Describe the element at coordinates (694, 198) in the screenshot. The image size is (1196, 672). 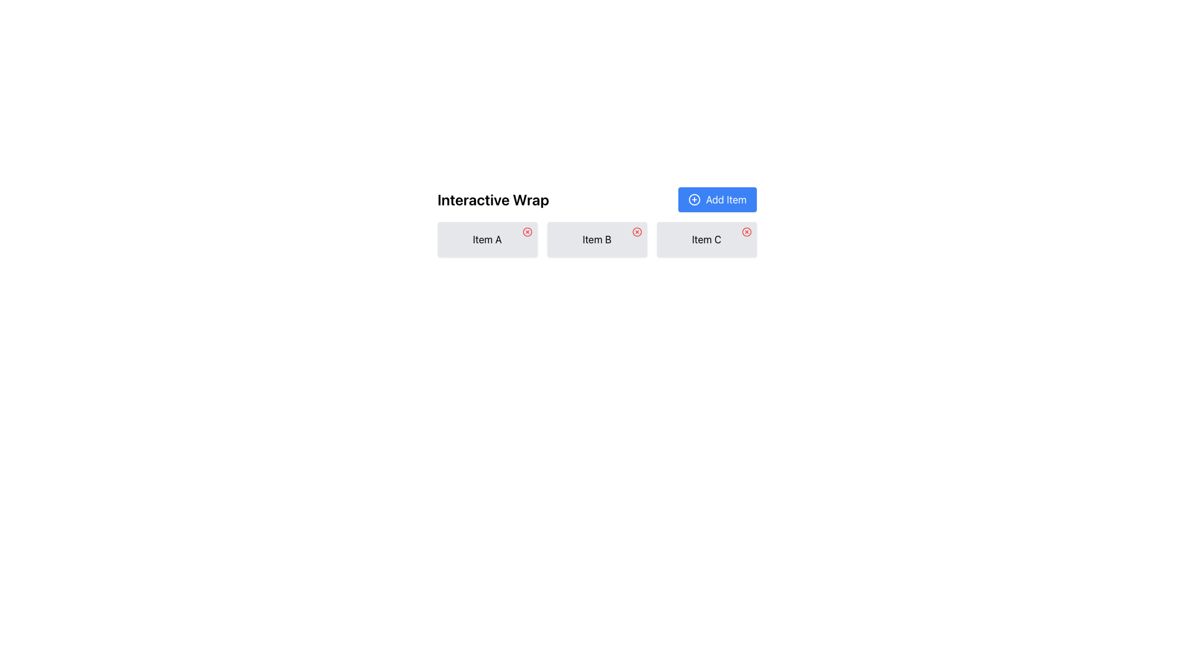
I see `the SVG circle that visually indicates the function of the 'Add Item' button, which is used` at that location.